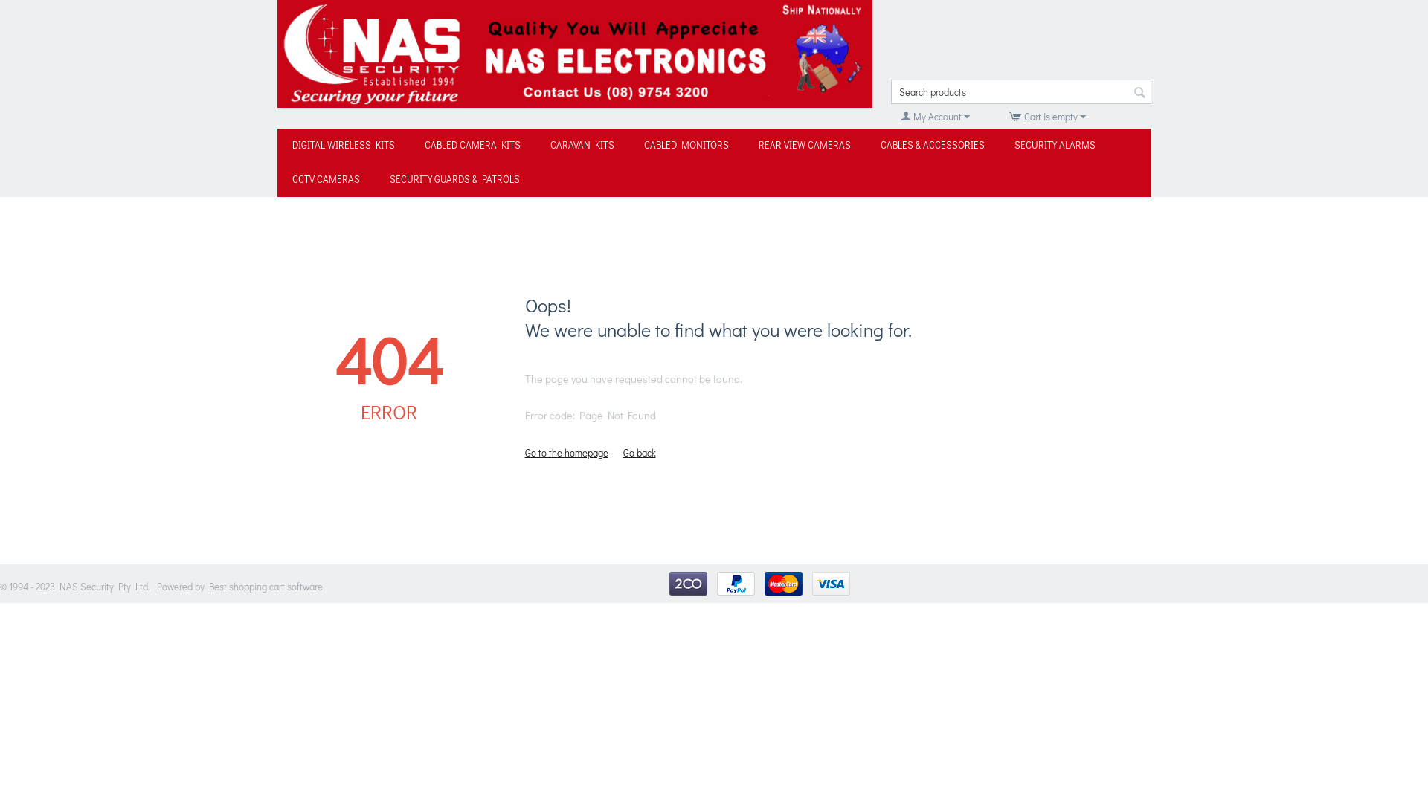  I want to click on 'Go to the homepage', so click(566, 451).